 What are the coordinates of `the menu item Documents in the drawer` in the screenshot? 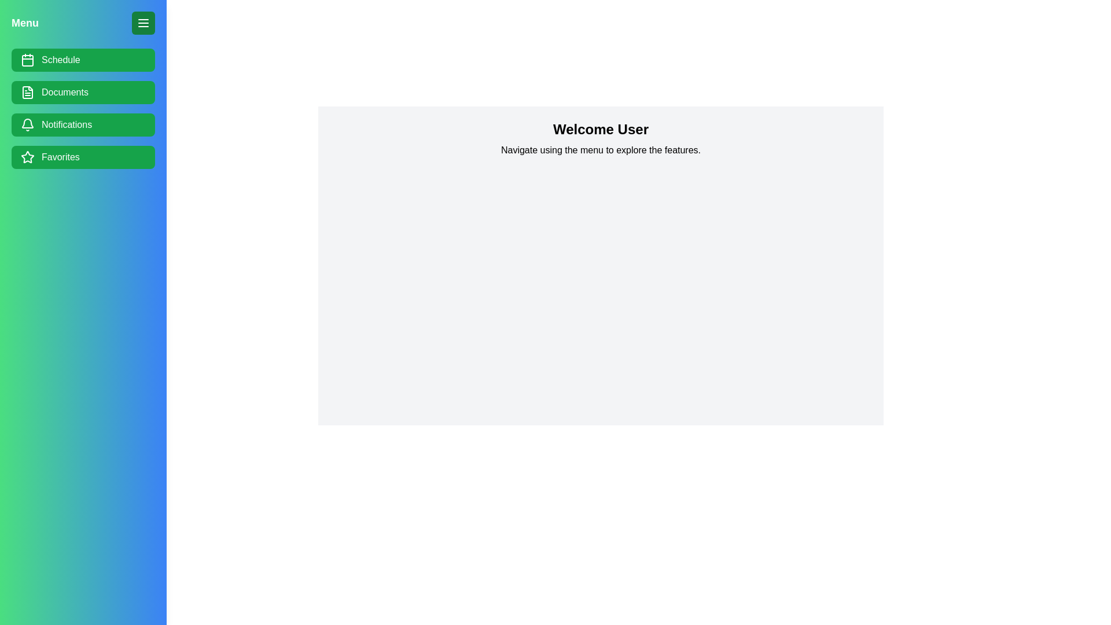 It's located at (83, 91).